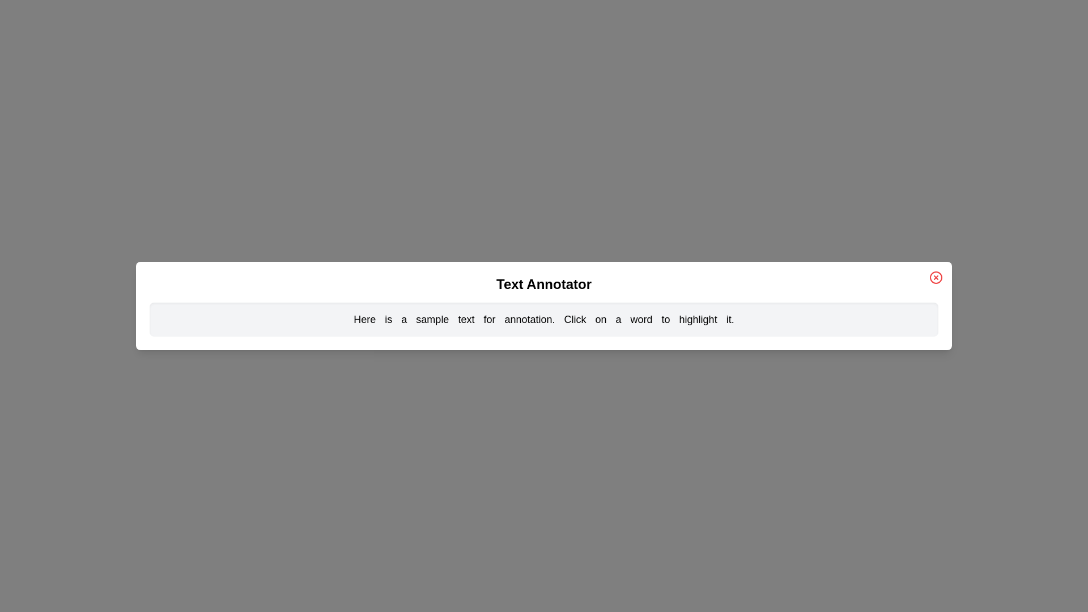 The height and width of the screenshot is (612, 1088). I want to click on the word 'text' to toggle its highlighting, so click(466, 319).